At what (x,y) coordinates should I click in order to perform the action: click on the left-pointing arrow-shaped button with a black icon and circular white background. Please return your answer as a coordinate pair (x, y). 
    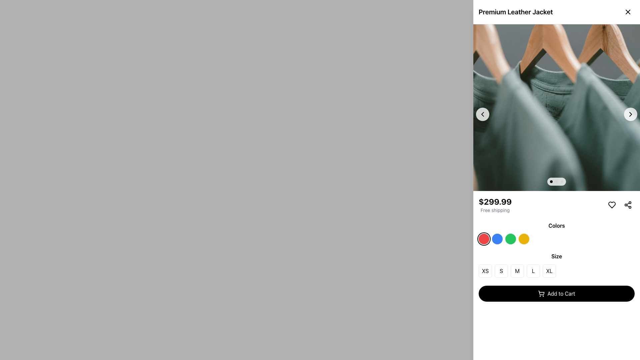
    Looking at the image, I should click on (483, 114).